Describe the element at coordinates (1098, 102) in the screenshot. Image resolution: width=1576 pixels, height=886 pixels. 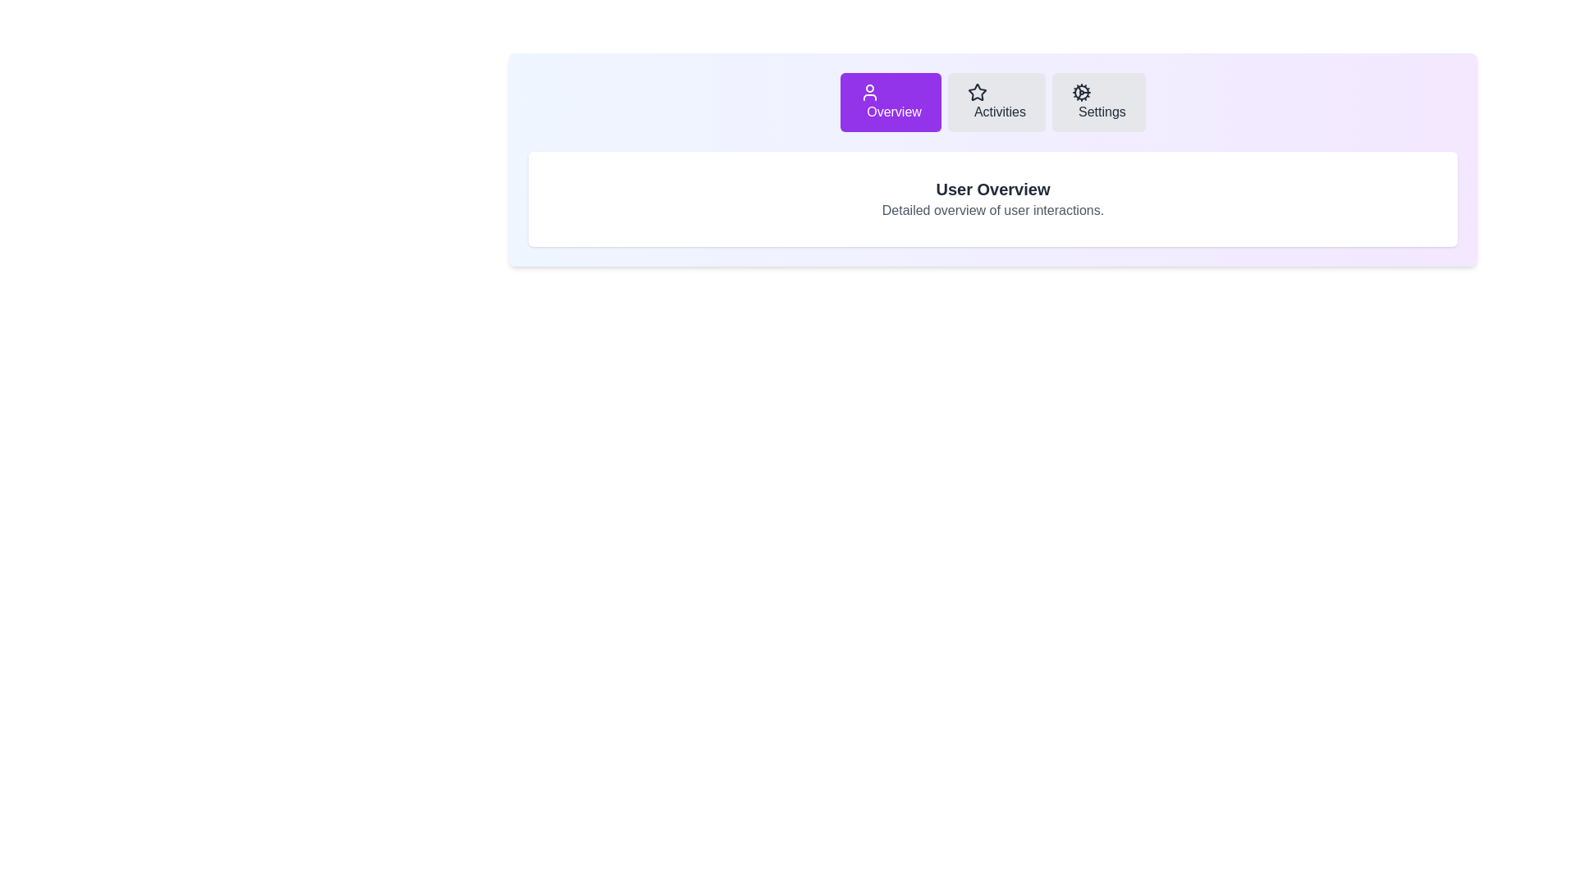
I see `the 'Settings' button, which is identified by its rounded rectangular shape with a light gray background and dark gray text, located on the rightmost side of a horizontal group of three buttons near the top center of the interface` at that location.